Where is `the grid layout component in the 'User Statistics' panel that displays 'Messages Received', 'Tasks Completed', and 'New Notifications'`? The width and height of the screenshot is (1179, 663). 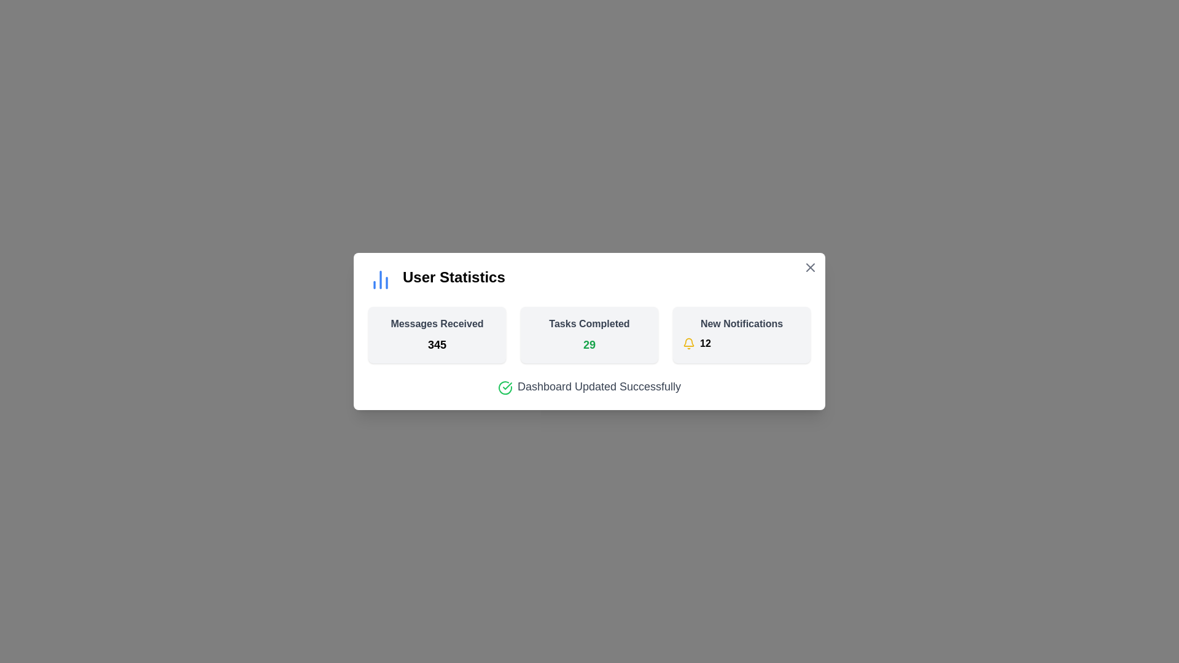
the grid layout component in the 'User Statistics' panel that displays 'Messages Received', 'Tasks Completed', and 'New Notifications' is located at coordinates (589, 335).